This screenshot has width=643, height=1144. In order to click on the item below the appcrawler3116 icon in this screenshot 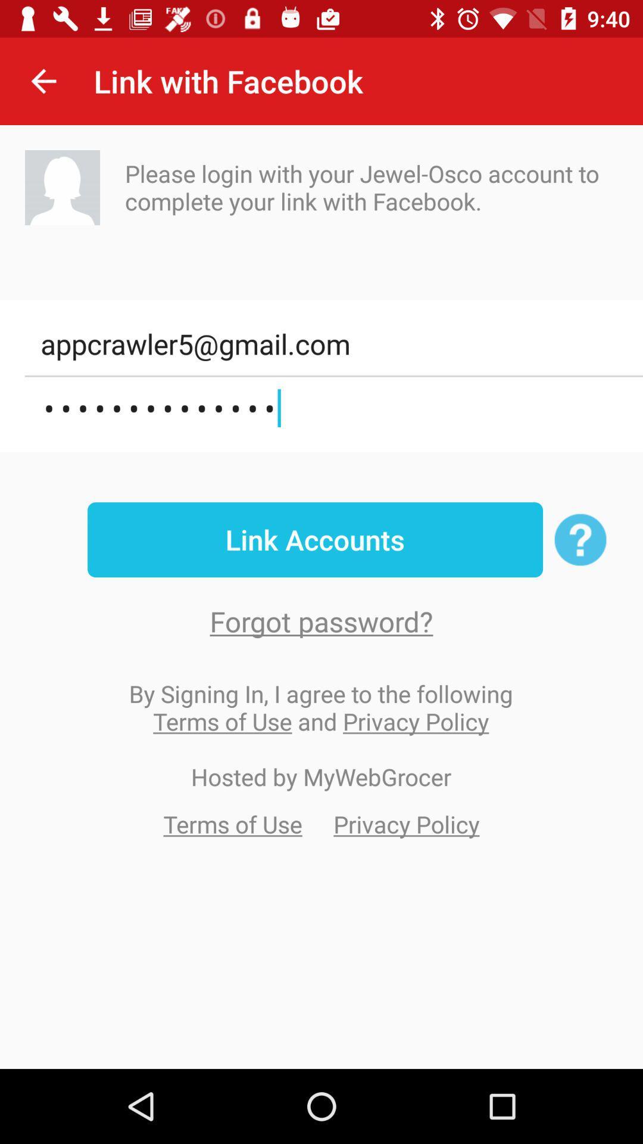, I will do `click(314, 539)`.